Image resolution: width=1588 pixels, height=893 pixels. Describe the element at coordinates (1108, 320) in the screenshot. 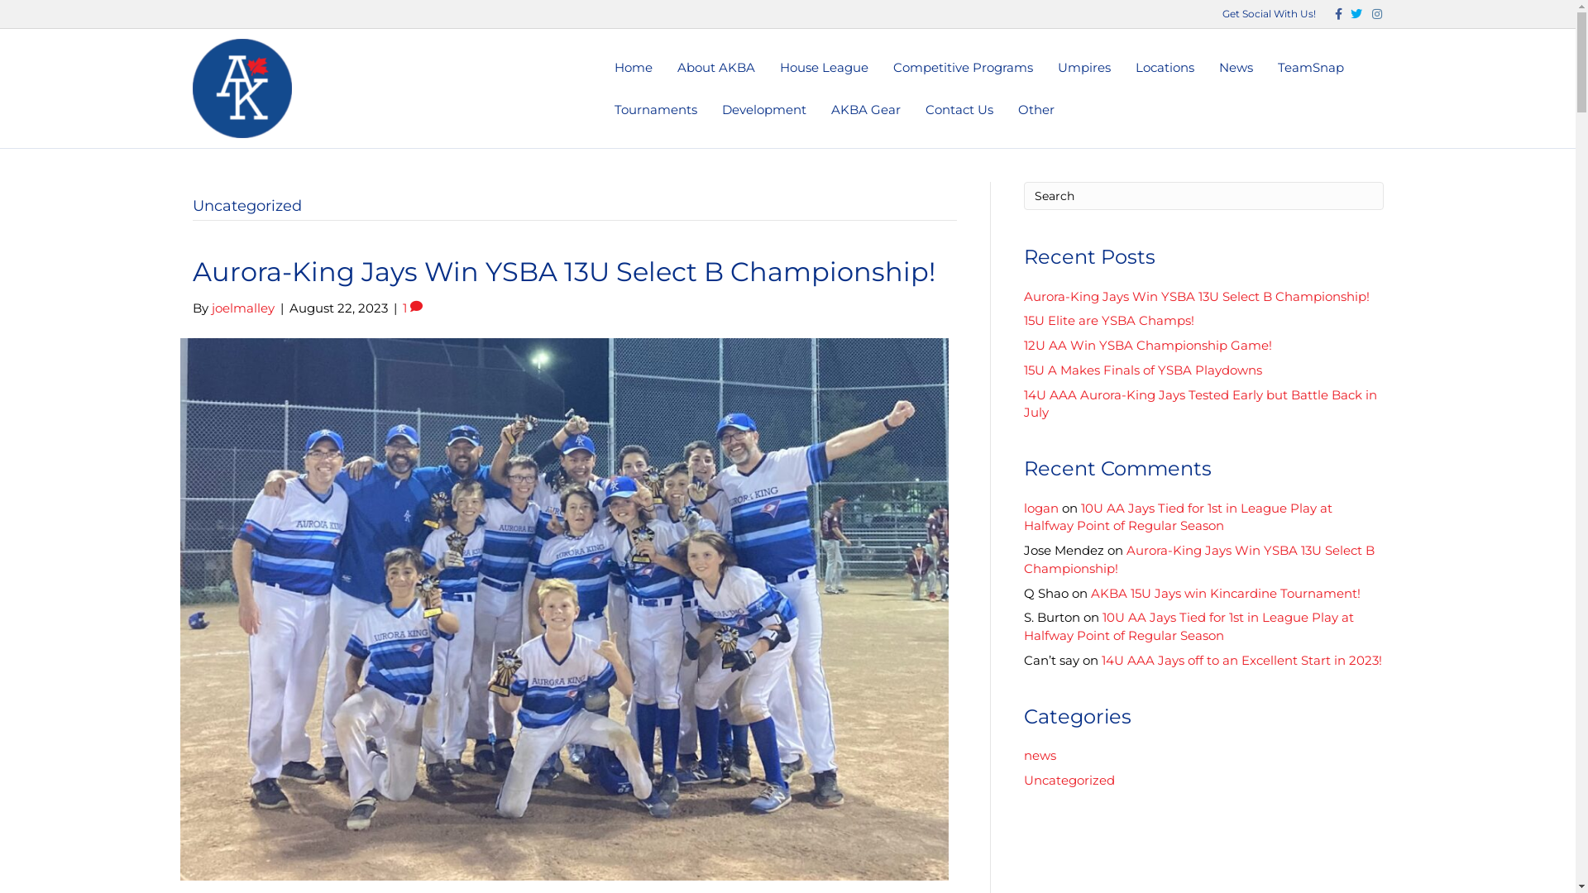

I see `'15U Elite are YSBA Champs!'` at that location.